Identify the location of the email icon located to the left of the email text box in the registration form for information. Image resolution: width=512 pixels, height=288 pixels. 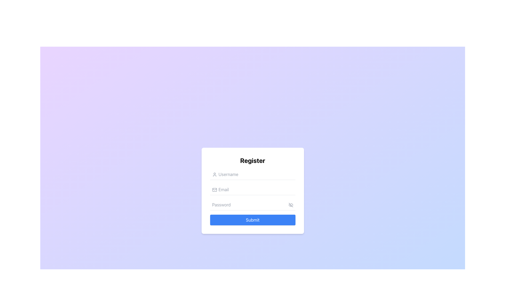
(214, 189).